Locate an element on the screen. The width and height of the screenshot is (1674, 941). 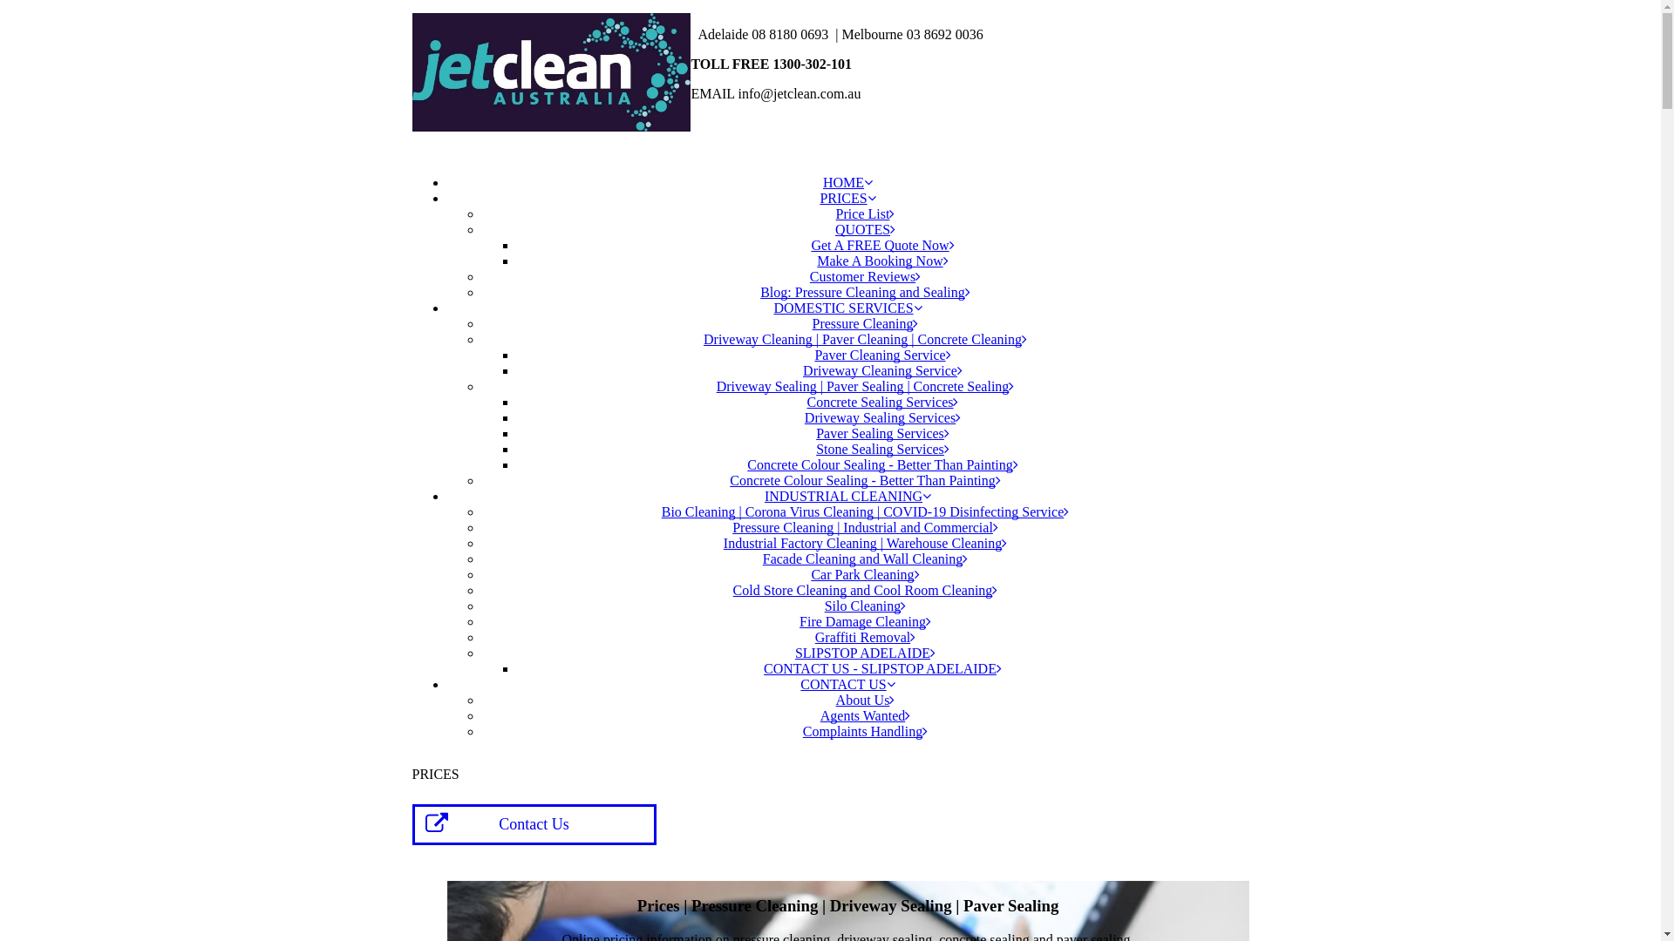
'CONTACT US' is located at coordinates (799, 683).